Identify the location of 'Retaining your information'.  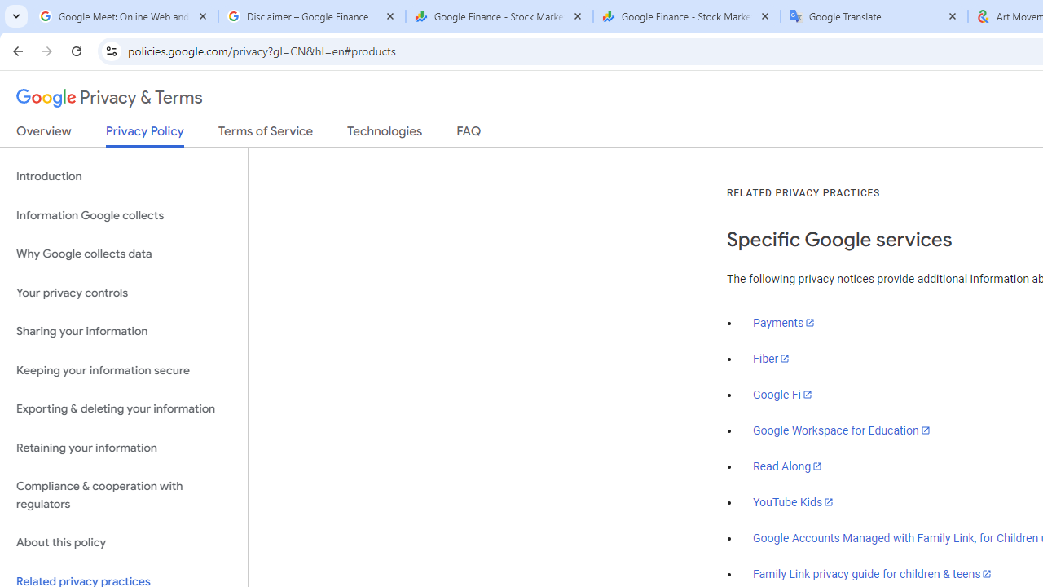
(123, 448).